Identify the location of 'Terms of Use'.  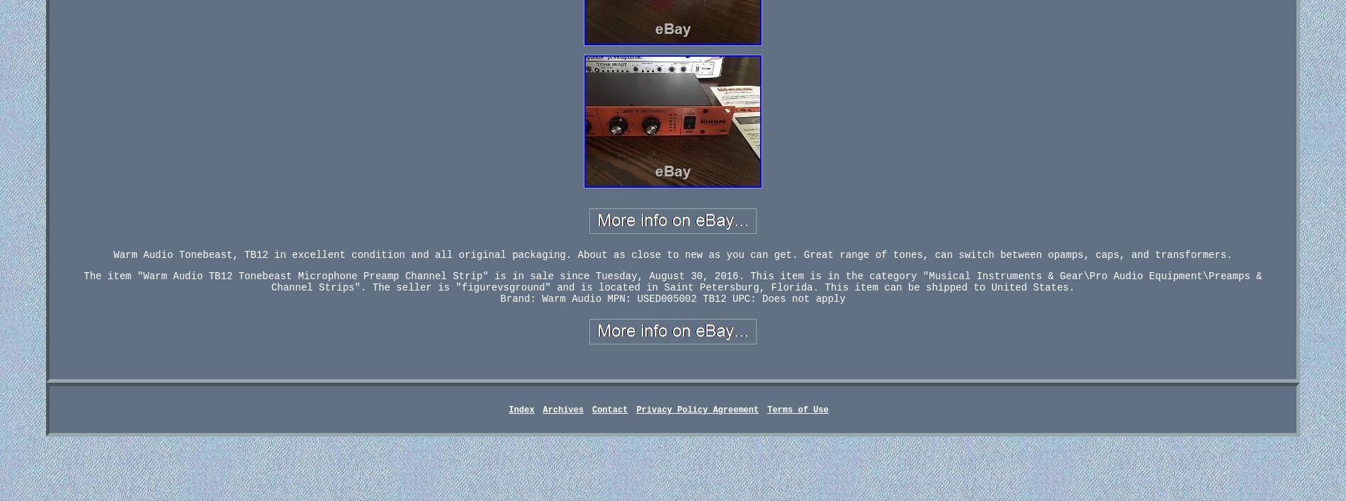
(797, 410).